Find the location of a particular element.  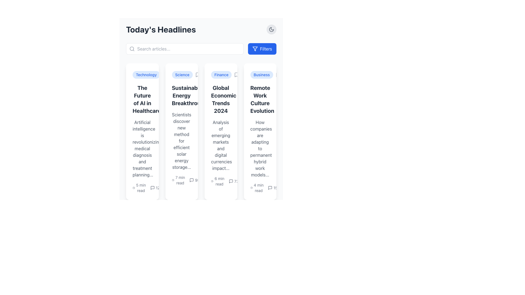

the text element displaying '4 min read' located at the bottom-right corner of the 'Remote Work Culture Evolution' article card is located at coordinates (260, 187).